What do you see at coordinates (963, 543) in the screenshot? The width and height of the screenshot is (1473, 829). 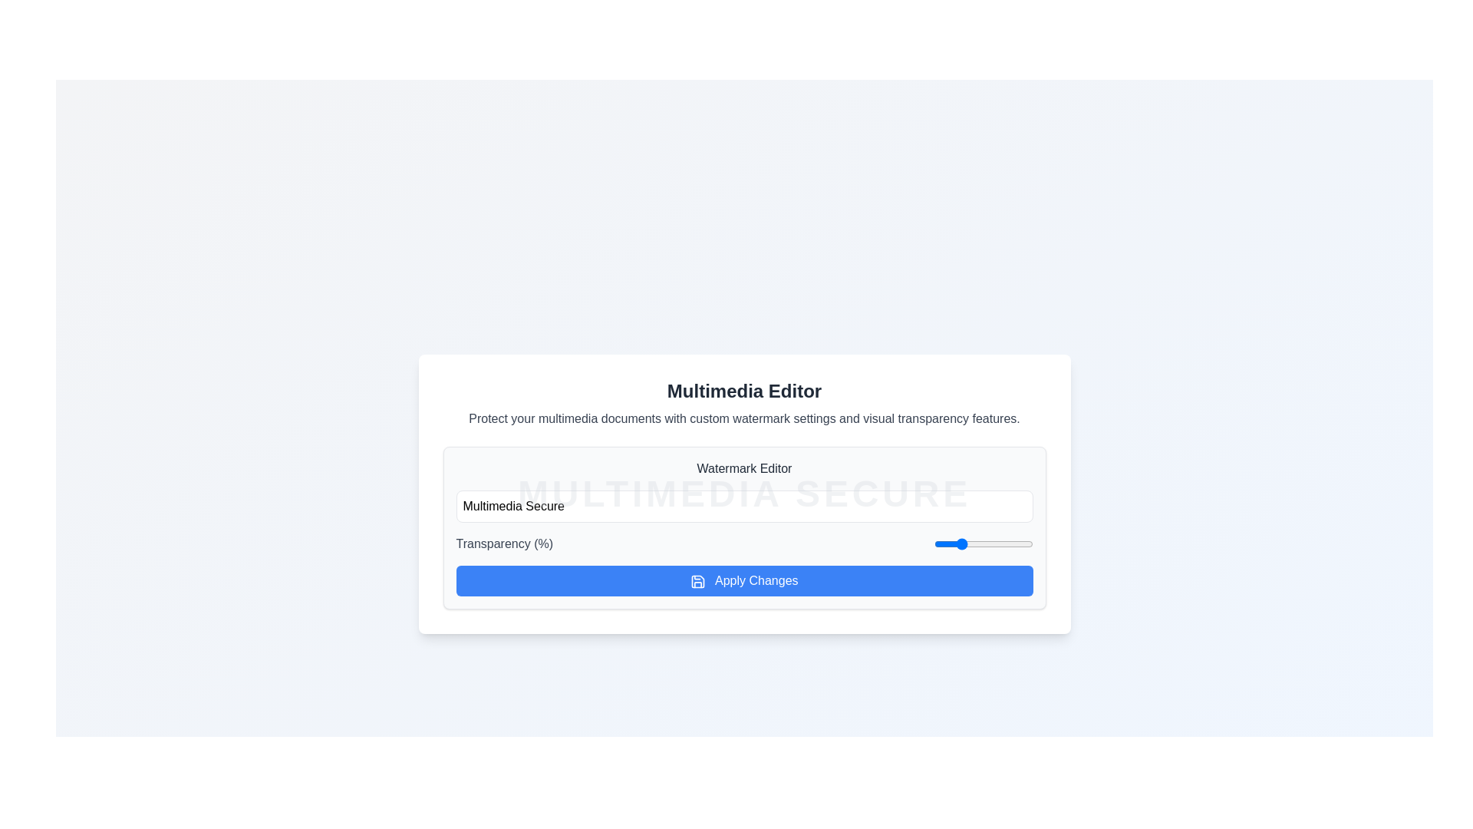 I see `the transparency slider` at bounding box center [963, 543].